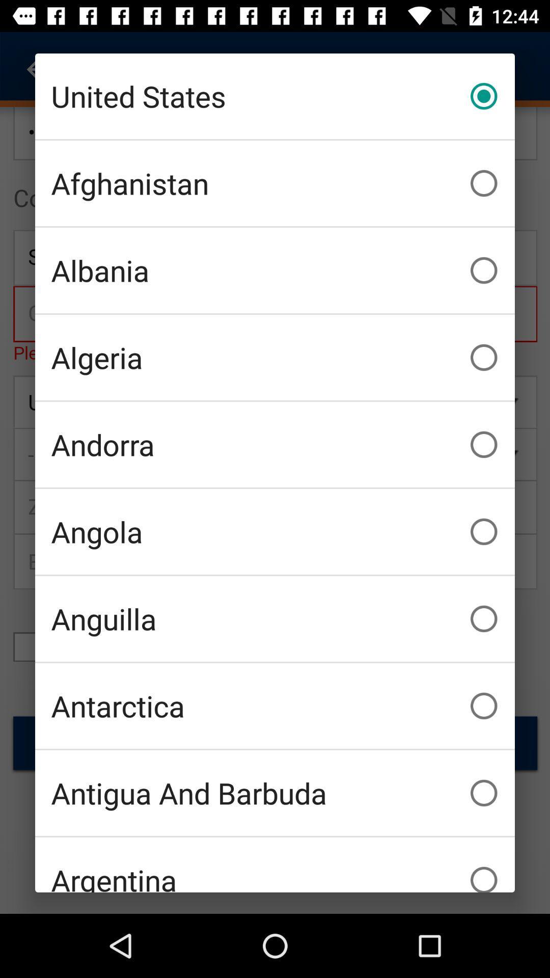 The image size is (550, 978). Describe the element at coordinates (275, 618) in the screenshot. I see `the icon above antarctica` at that location.